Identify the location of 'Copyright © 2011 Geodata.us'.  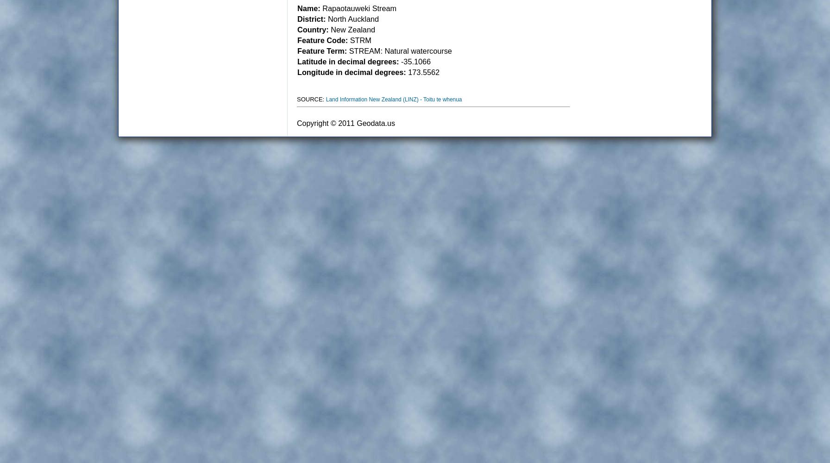
(346, 123).